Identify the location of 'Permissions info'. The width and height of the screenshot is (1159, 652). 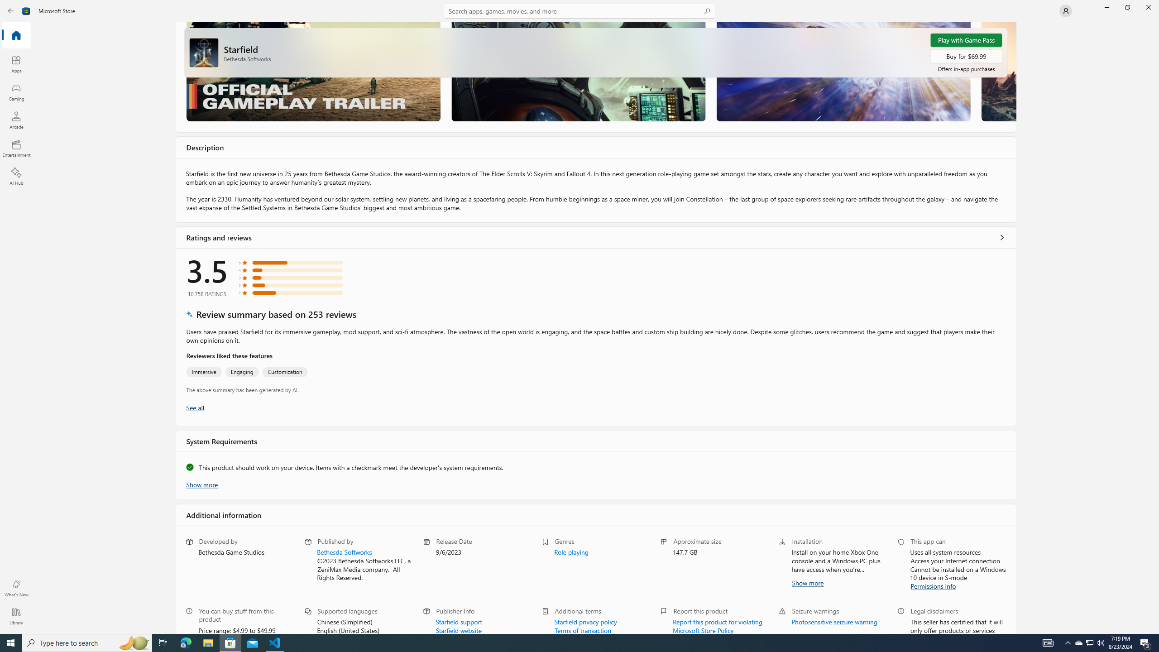
(934, 585).